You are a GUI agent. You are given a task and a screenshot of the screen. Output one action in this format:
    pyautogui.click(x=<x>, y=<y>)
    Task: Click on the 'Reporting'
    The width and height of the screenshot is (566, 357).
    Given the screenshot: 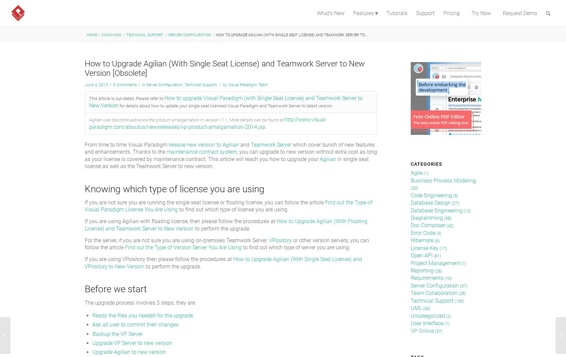 What is the action you would take?
    pyautogui.click(x=422, y=270)
    